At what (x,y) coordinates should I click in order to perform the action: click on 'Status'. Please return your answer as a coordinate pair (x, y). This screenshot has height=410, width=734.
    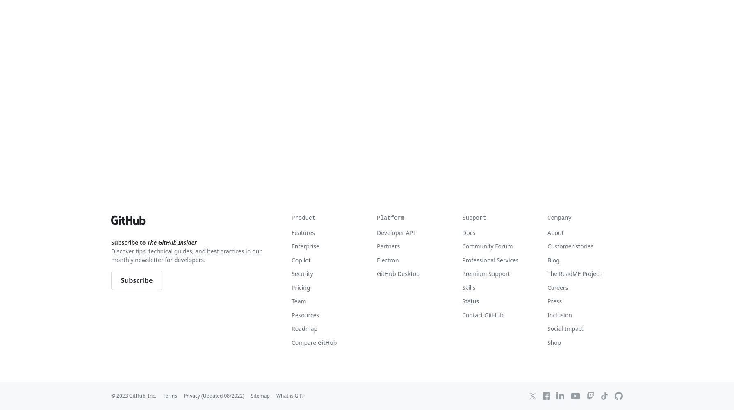
    Looking at the image, I should click on (470, 301).